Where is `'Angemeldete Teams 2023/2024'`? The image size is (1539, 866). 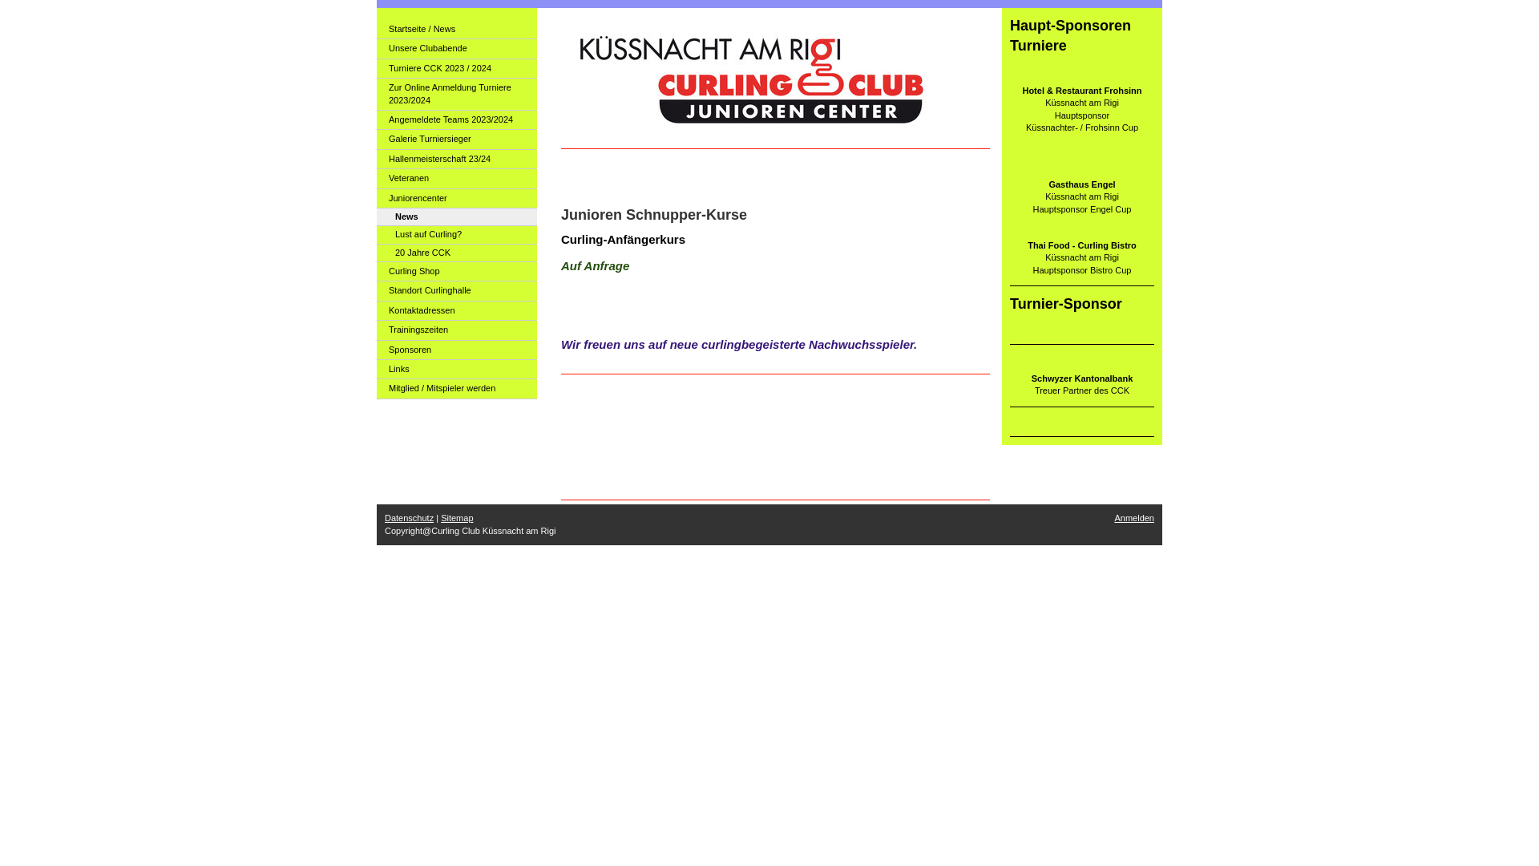 'Angemeldete Teams 2023/2024' is located at coordinates (456, 119).